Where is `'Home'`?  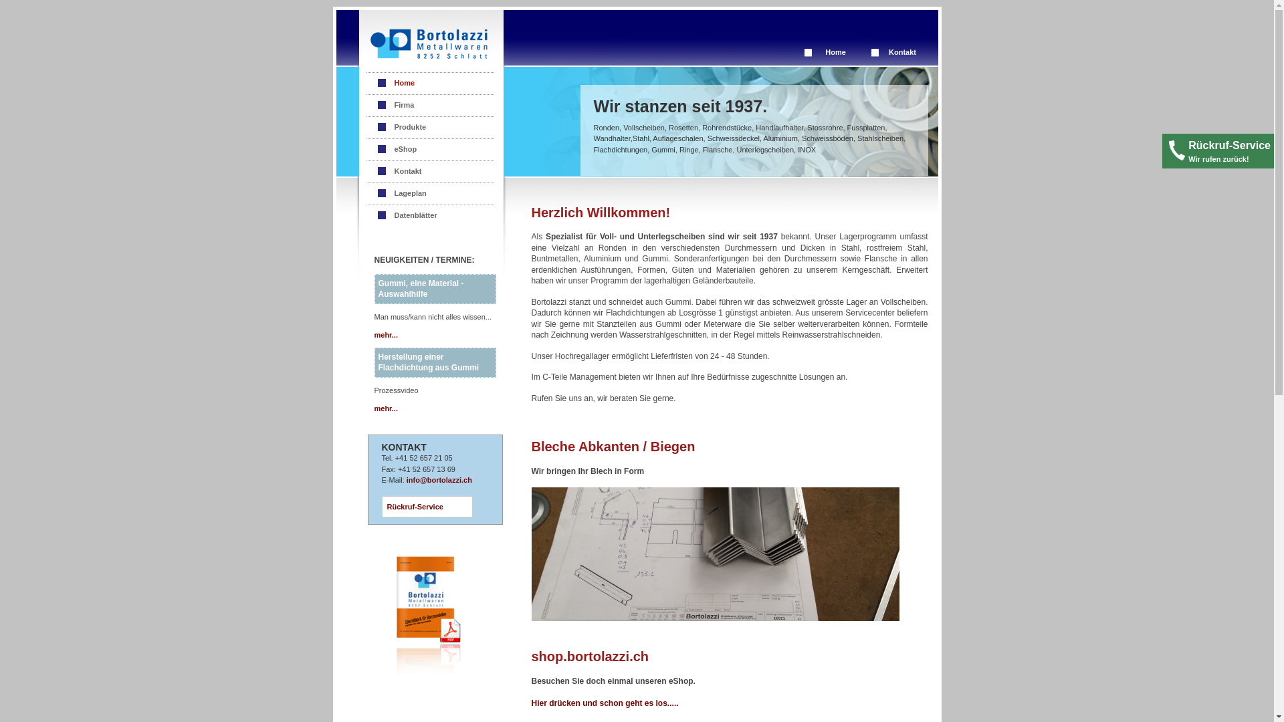
'Home' is located at coordinates (360, 83).